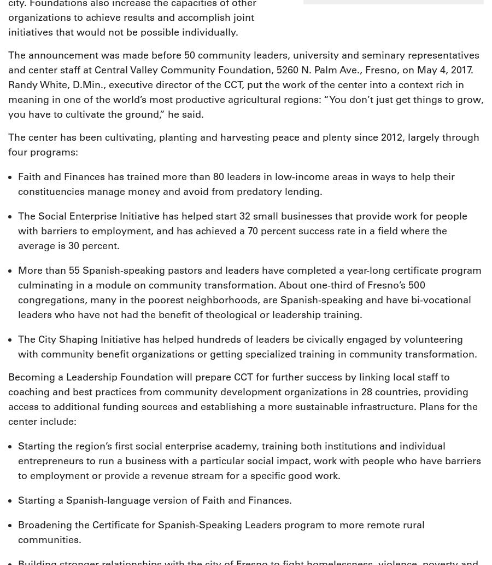  What do you see at coordinates (154, 500) in the screenshot?
I see `'Starting a Spanish-language version of Faith and Finances.'` at bounding box center [154, 500].